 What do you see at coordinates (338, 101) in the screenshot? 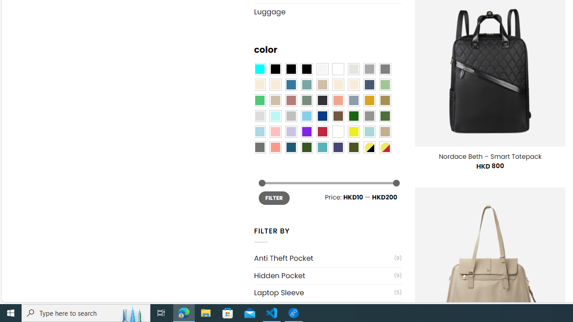
I see `'Coral'` at bounding box center [338, 101].